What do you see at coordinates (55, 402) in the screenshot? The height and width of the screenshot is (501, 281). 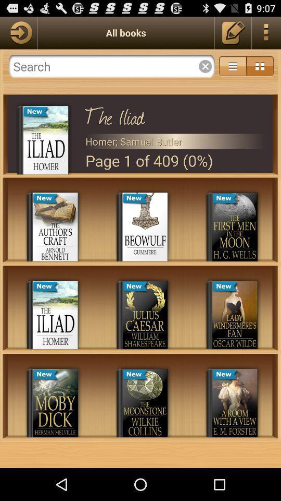 I see `first icon in third row of the page` at bounding box center [55, 402].